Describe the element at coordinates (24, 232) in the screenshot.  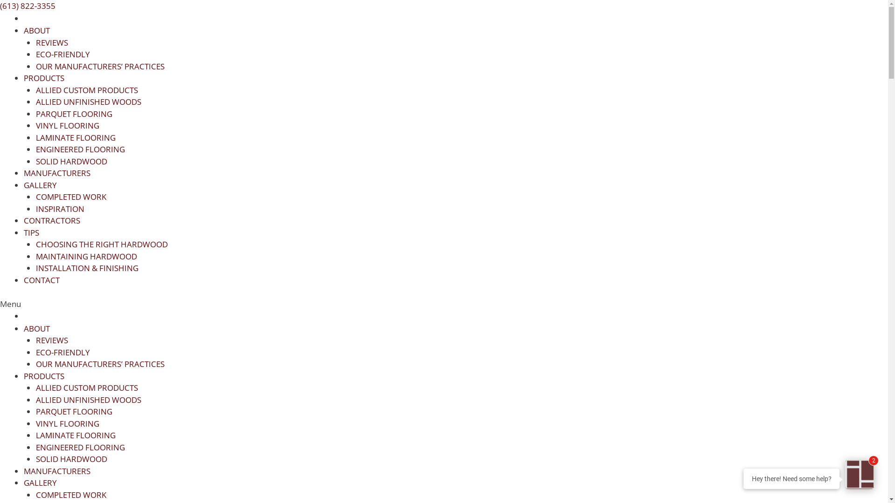
I see `'TIPS'` at that location.